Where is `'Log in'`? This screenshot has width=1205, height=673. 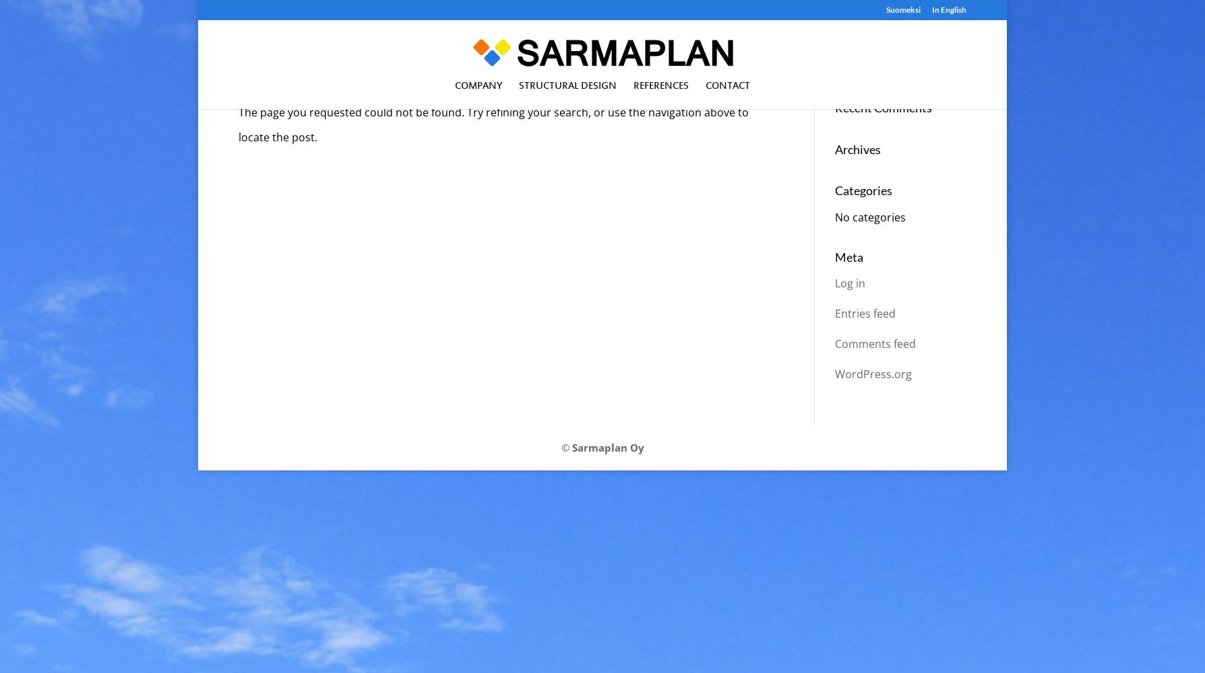
'Log in' is located at coordinates (848, 283).